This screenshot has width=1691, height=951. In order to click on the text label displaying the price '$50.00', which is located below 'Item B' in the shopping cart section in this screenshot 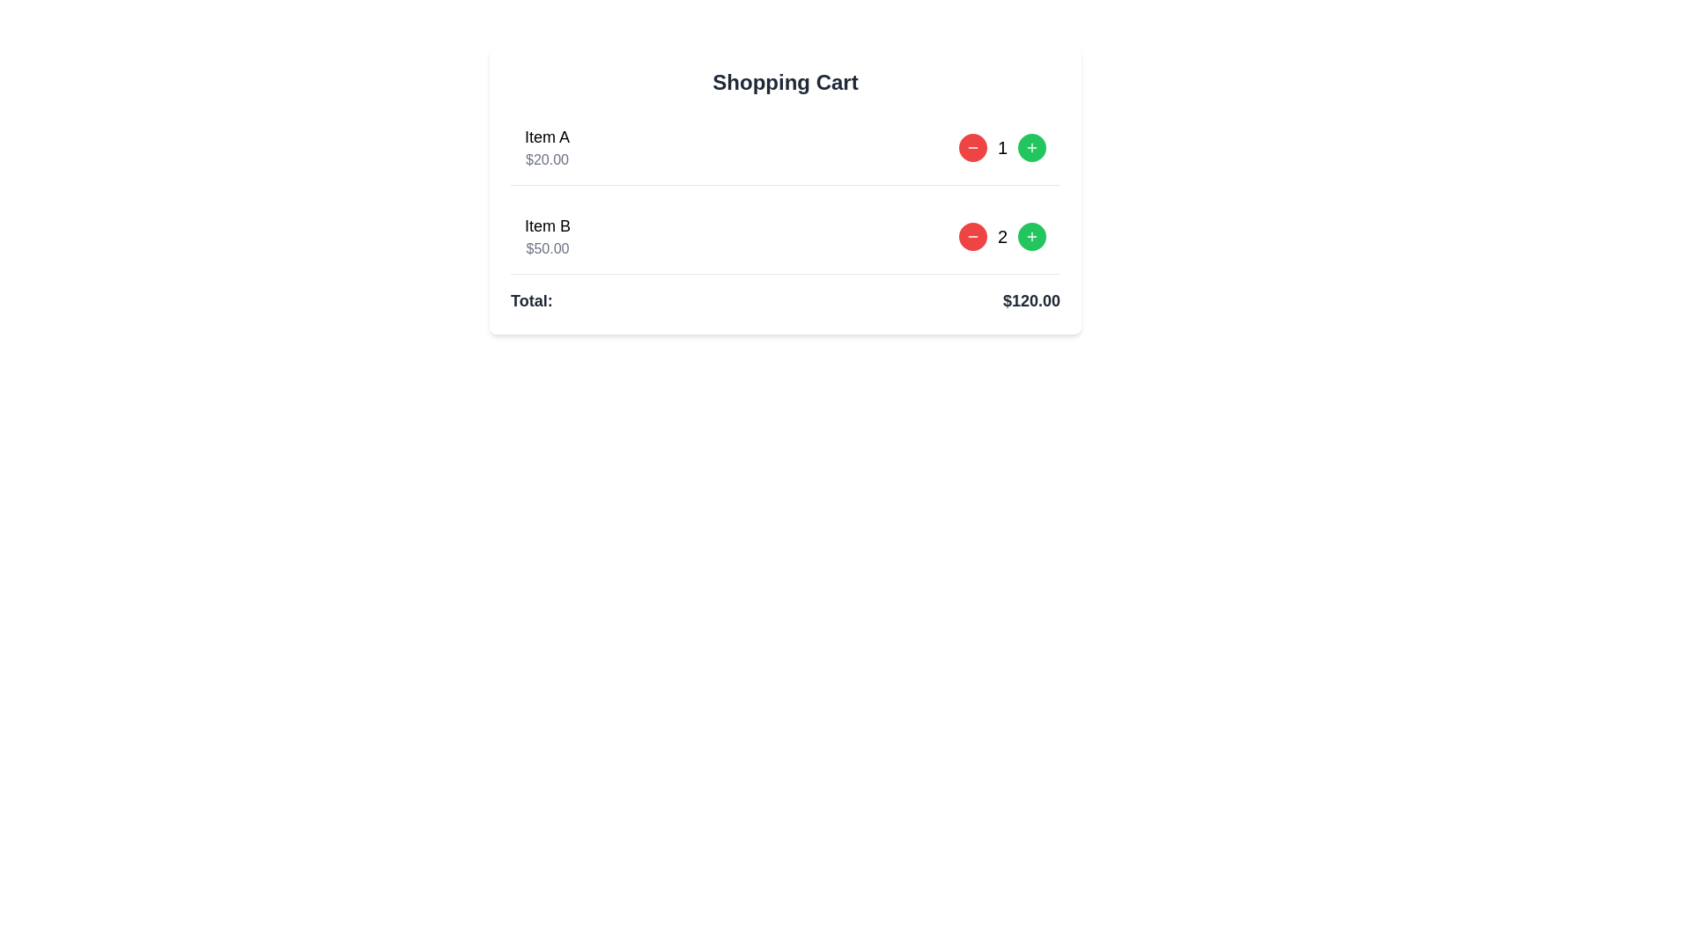, I will do `click(547, 248)`.